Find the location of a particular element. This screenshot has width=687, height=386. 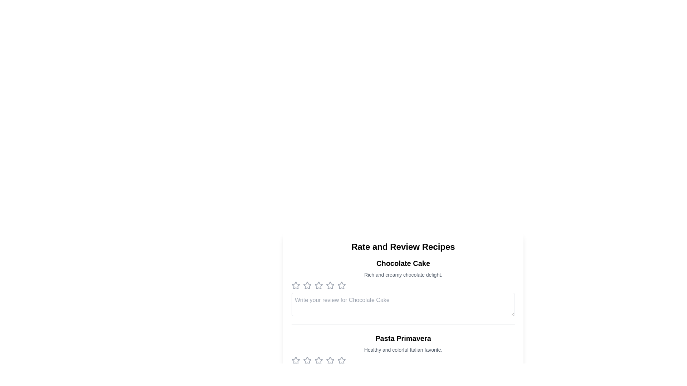

the first star-shaped rating icon for 'Chocolate Cake' is located at coordinates (296, 285).